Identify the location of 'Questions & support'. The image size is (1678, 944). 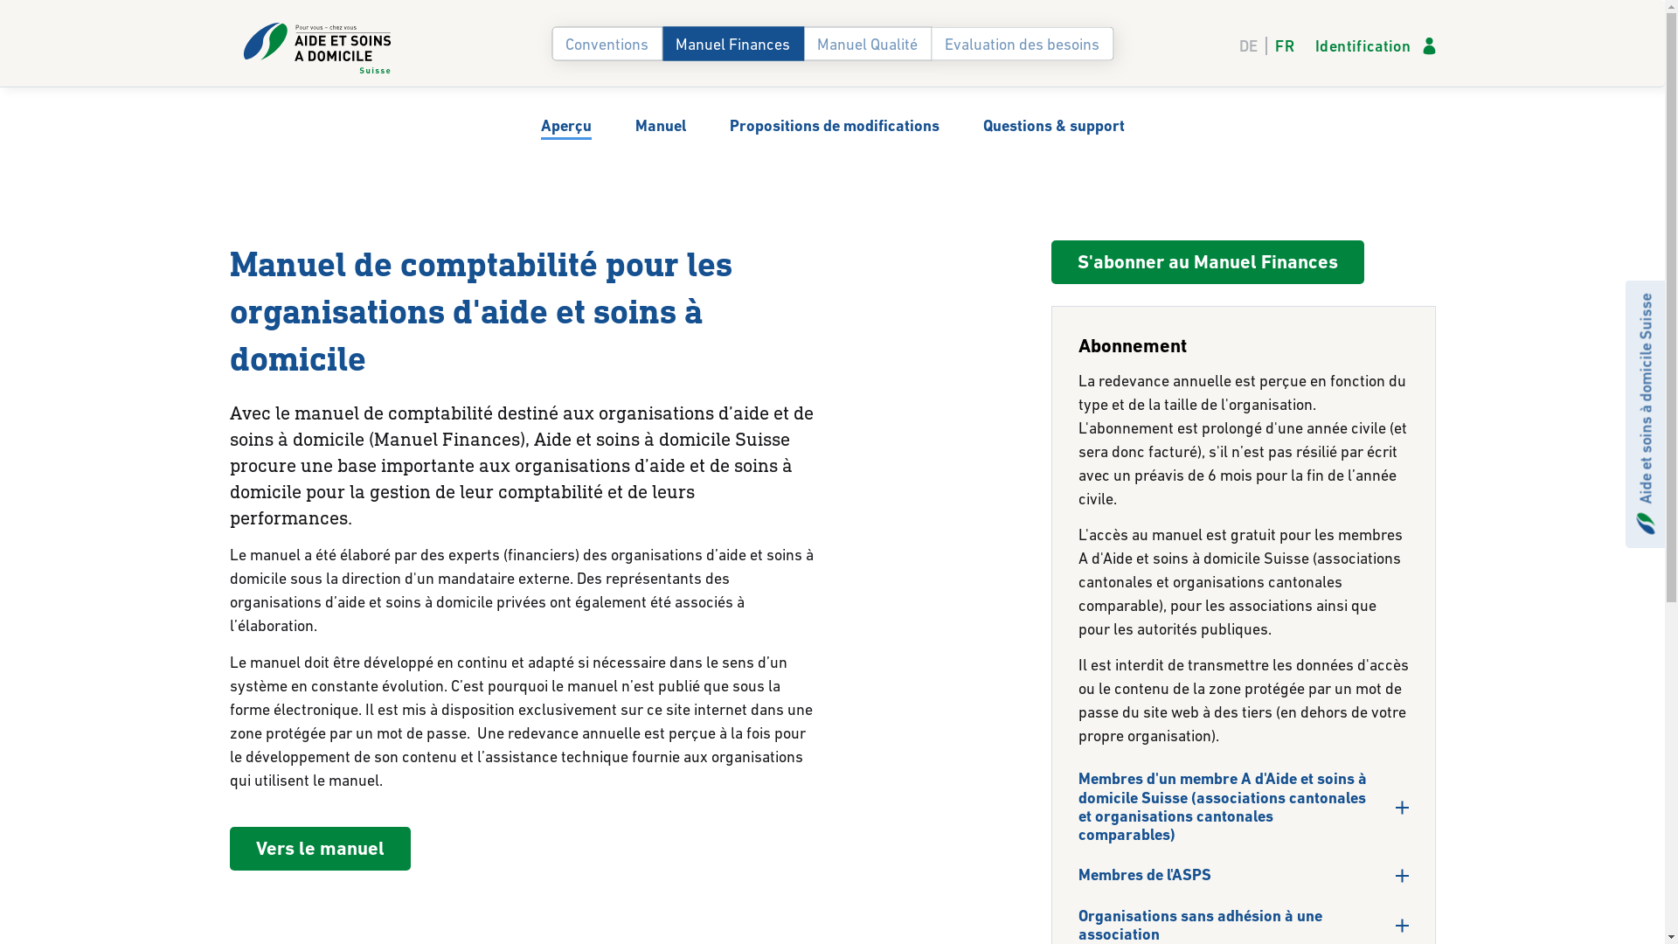
(1051, 124).